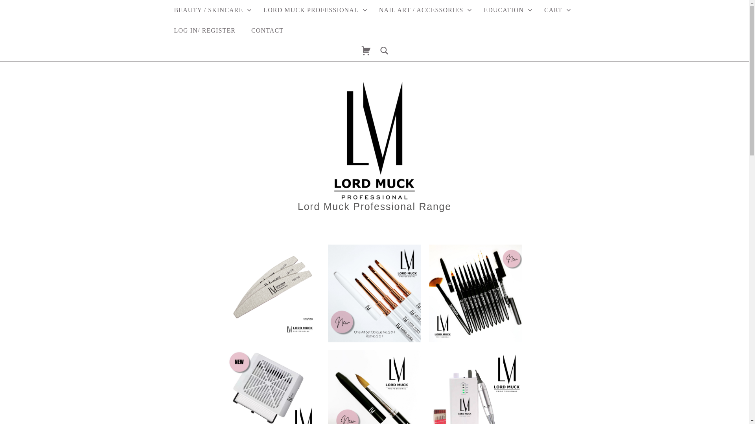  What do you see at coordinates (555, 10) in the screenshot?
I see `'CART'` at bounding box center [555, 10].